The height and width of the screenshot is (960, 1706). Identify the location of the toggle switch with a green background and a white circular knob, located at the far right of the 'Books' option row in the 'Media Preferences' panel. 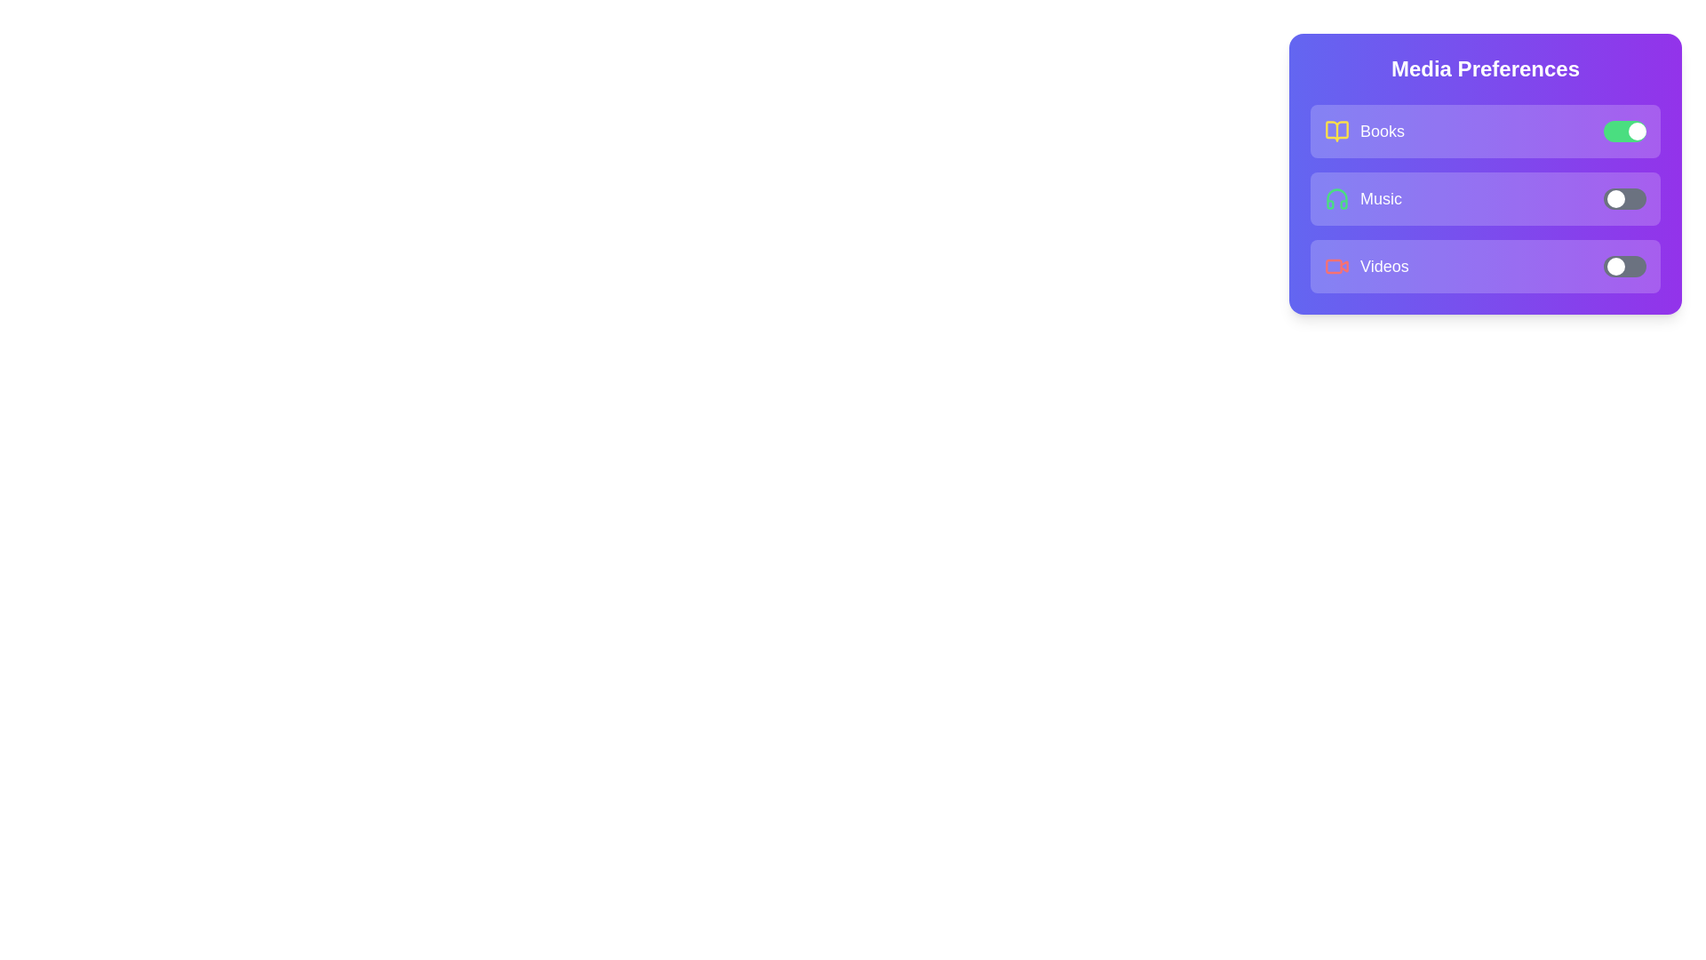
(1624, 130).